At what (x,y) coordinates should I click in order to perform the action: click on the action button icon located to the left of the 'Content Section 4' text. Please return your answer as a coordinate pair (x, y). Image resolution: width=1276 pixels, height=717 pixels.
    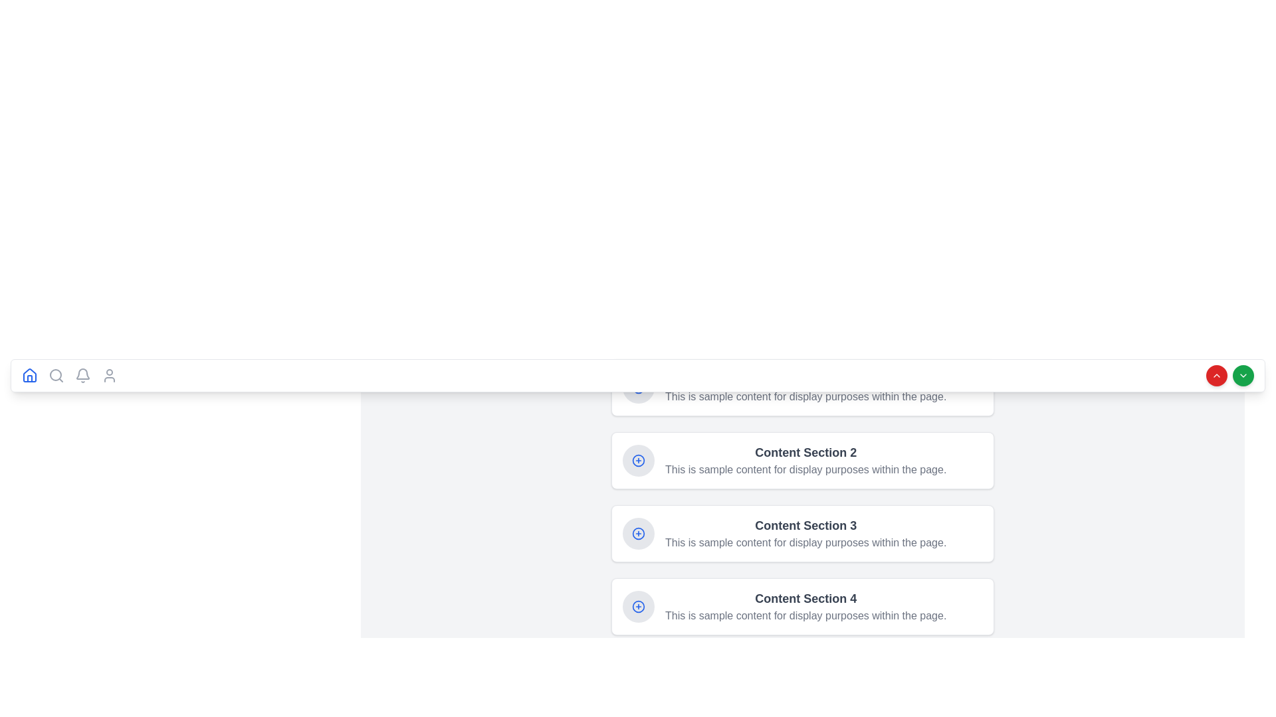
    Looking at the image, I should click on (638, 607).